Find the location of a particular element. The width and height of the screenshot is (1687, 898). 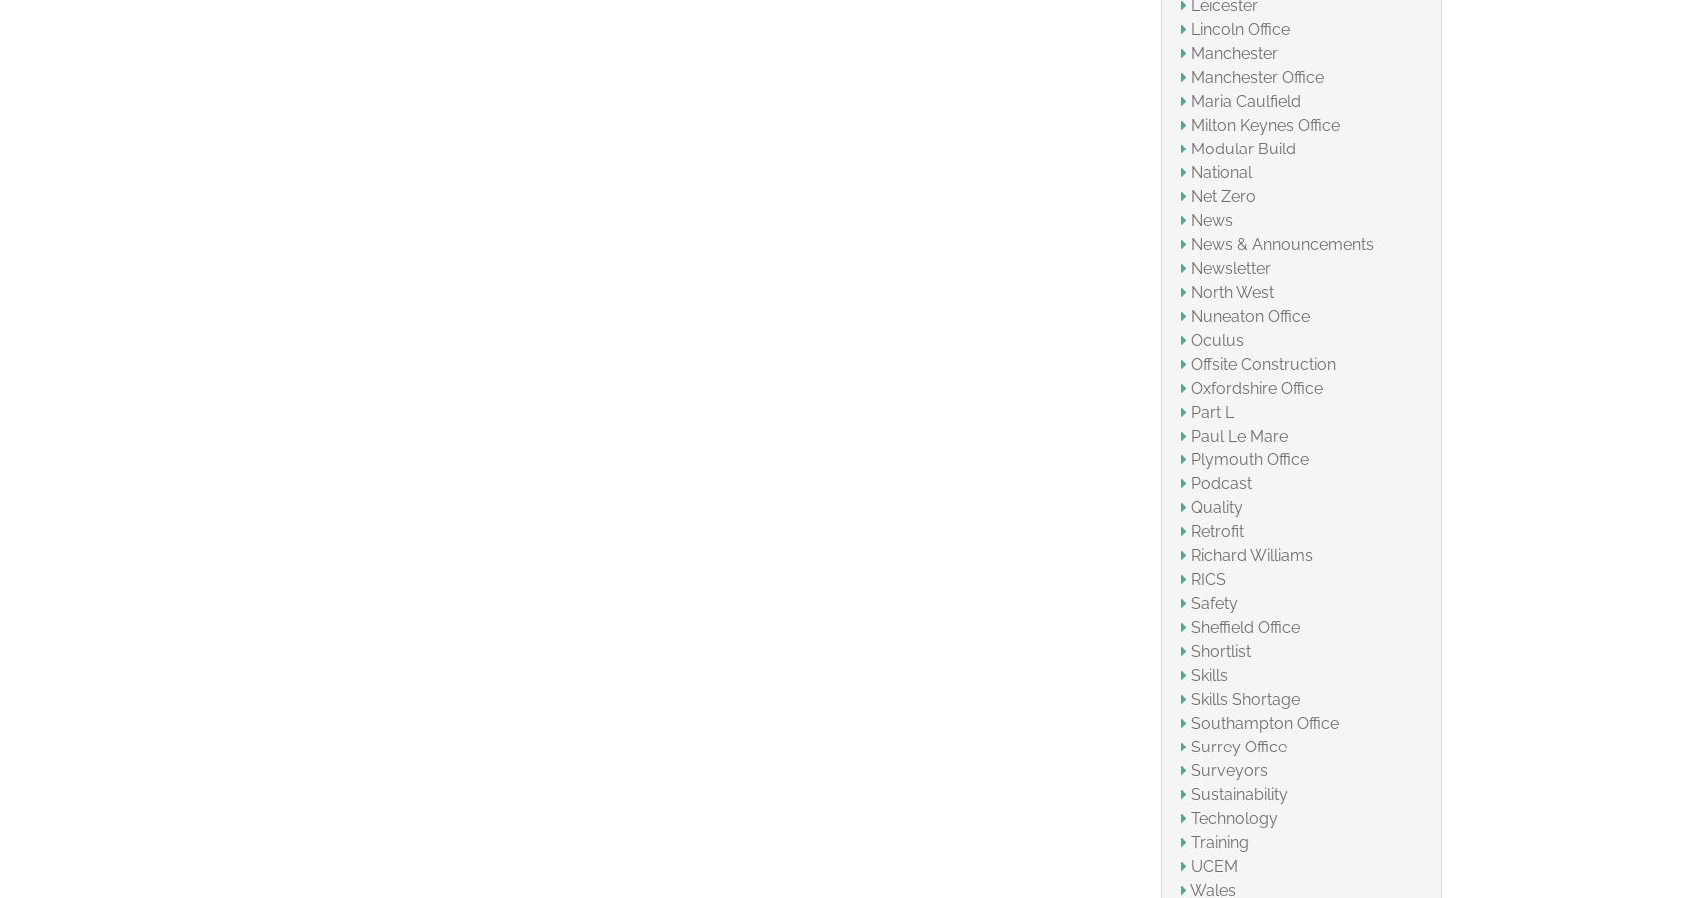

'RICS' is located at coordinates (1189, 577).